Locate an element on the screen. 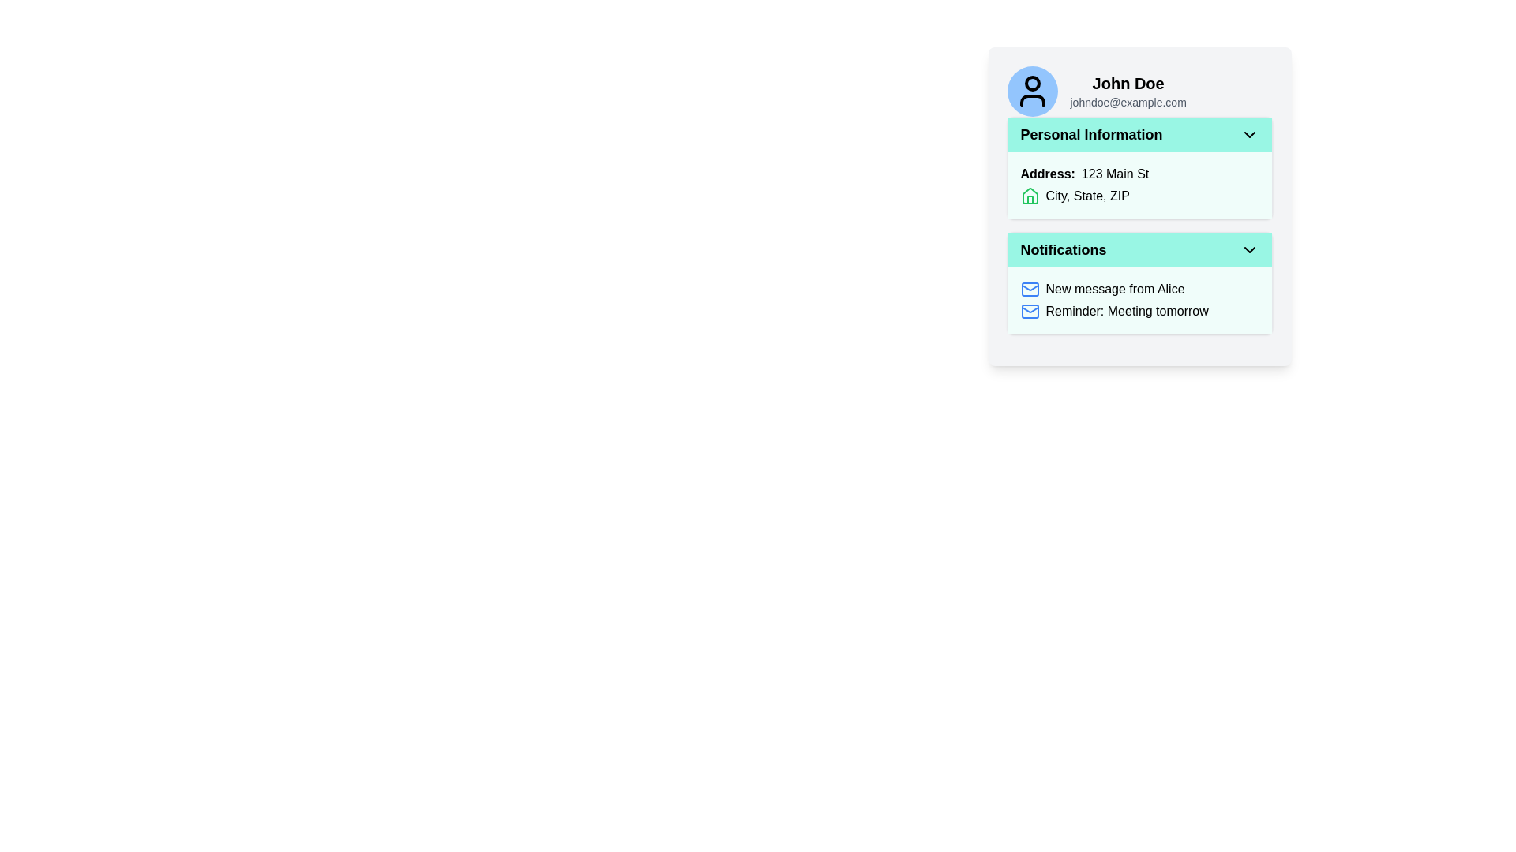  the downward-pointing chevron icon located at the top-right corner of the 'Personal Information' section header is located at coordinates (1248, 133).